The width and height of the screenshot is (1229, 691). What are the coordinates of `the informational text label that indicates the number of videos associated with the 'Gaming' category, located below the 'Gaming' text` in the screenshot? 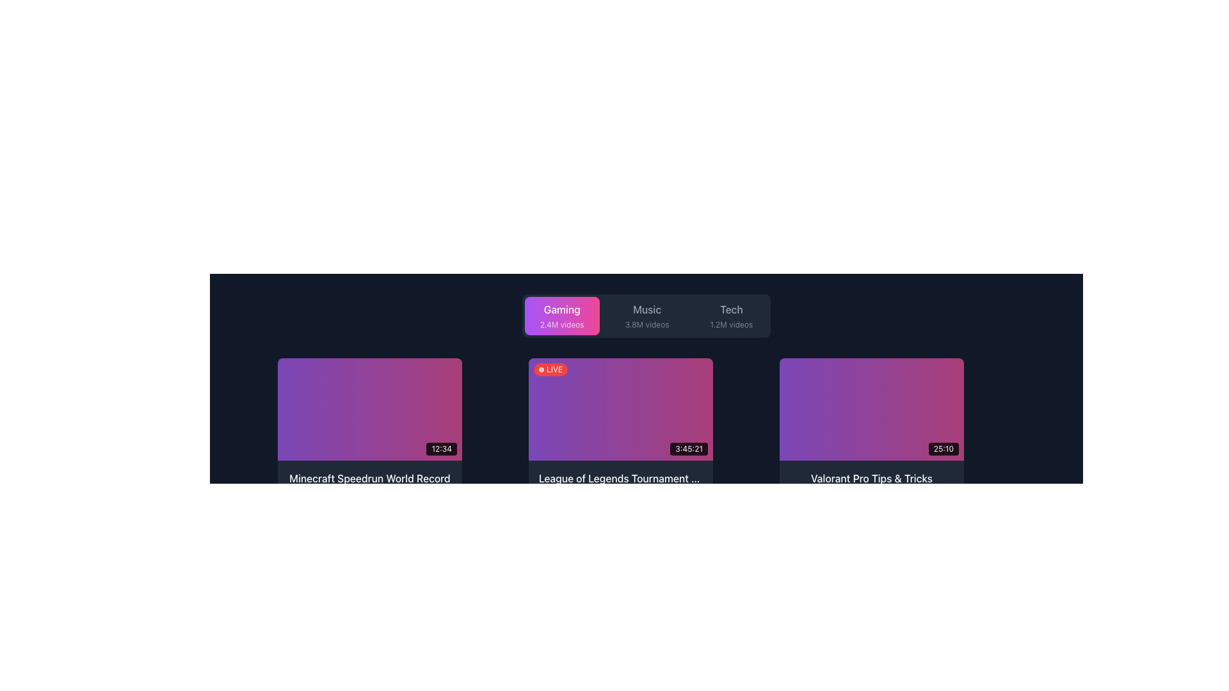 It's located at (562, 324).